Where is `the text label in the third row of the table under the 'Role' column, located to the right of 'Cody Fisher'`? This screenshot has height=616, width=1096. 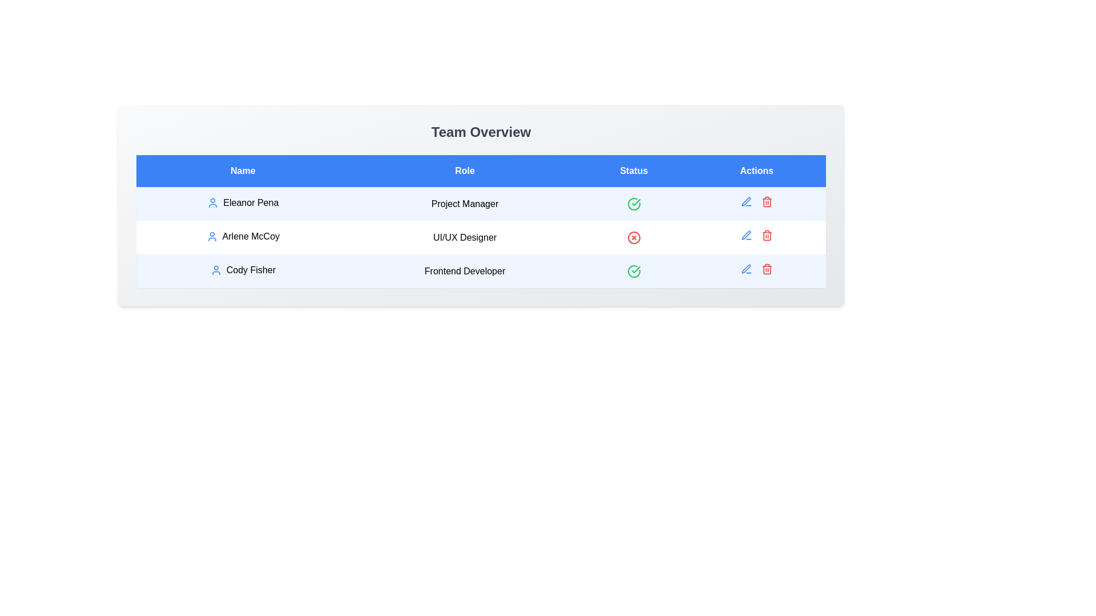 the text label in the third row of the table under the 'Role' column, located to the right of 'Cody Fisher' is located at coordinates (465, 271).